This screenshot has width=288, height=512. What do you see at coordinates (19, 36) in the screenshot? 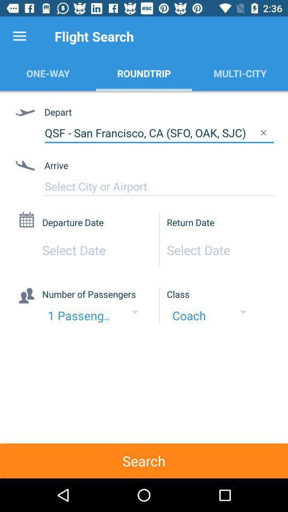
I see `item to the left of the flight search` at bounding box center [19, 36].